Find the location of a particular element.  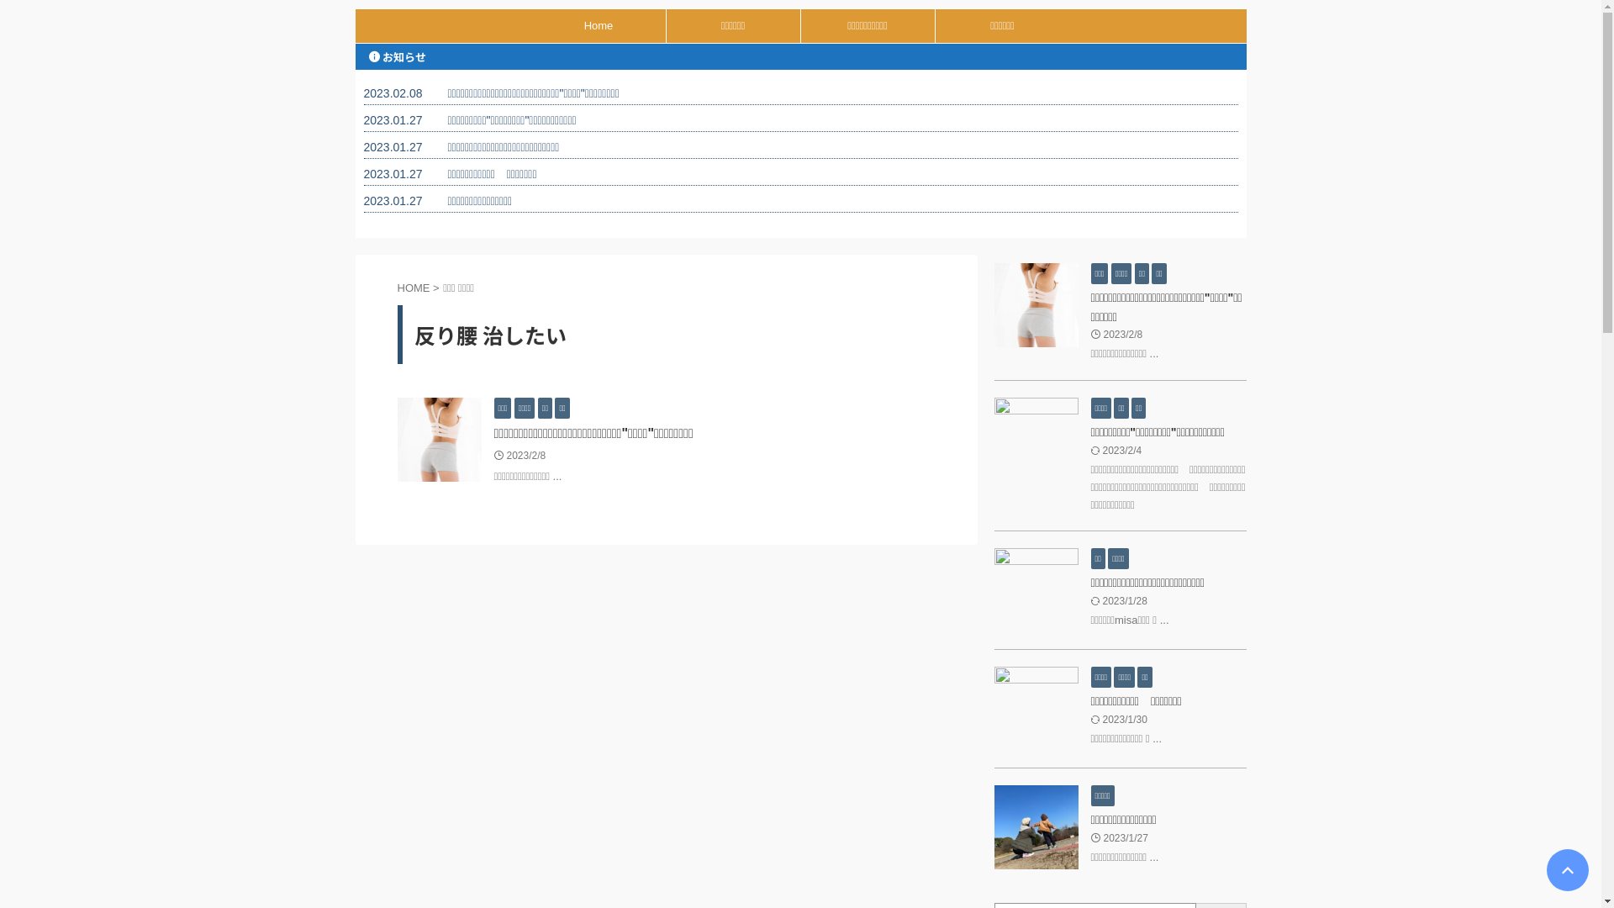

'Home' is located at coordinates (530, 25).